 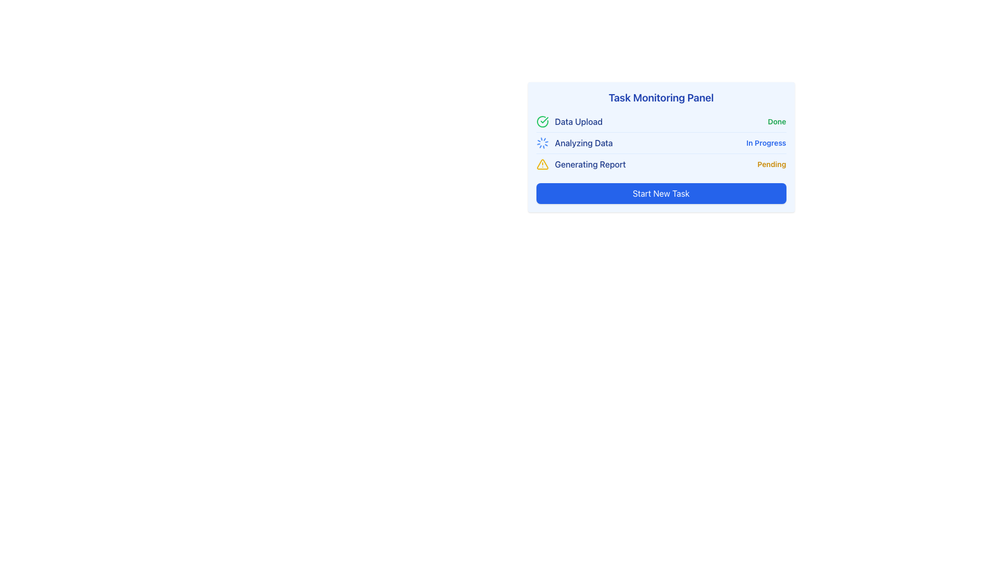 What do you see at coordinates (660, 193) in the screenshot?
I see `the 'Start New Task' button` at bounding box center [660, 193].